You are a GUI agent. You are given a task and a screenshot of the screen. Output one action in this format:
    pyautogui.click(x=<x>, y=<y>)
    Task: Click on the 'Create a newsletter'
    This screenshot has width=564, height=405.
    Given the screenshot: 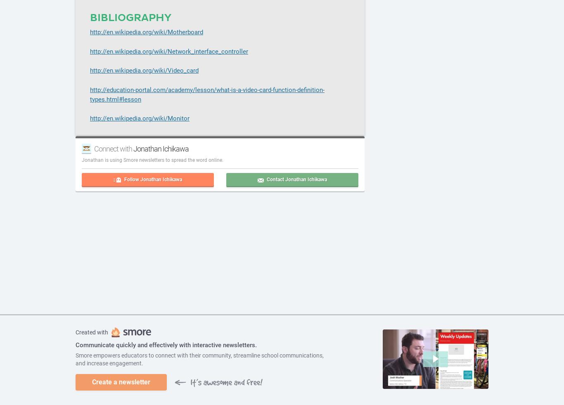 What is the action you would take?
    pyautogui.click(x=121, y=382)
    